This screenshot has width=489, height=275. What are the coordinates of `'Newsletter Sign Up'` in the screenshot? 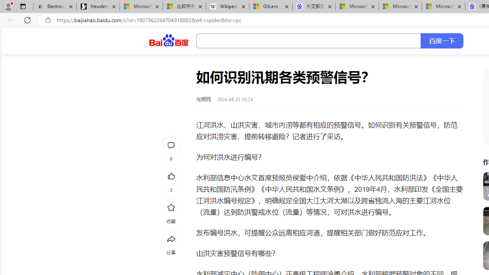 It's located at (98, 6).